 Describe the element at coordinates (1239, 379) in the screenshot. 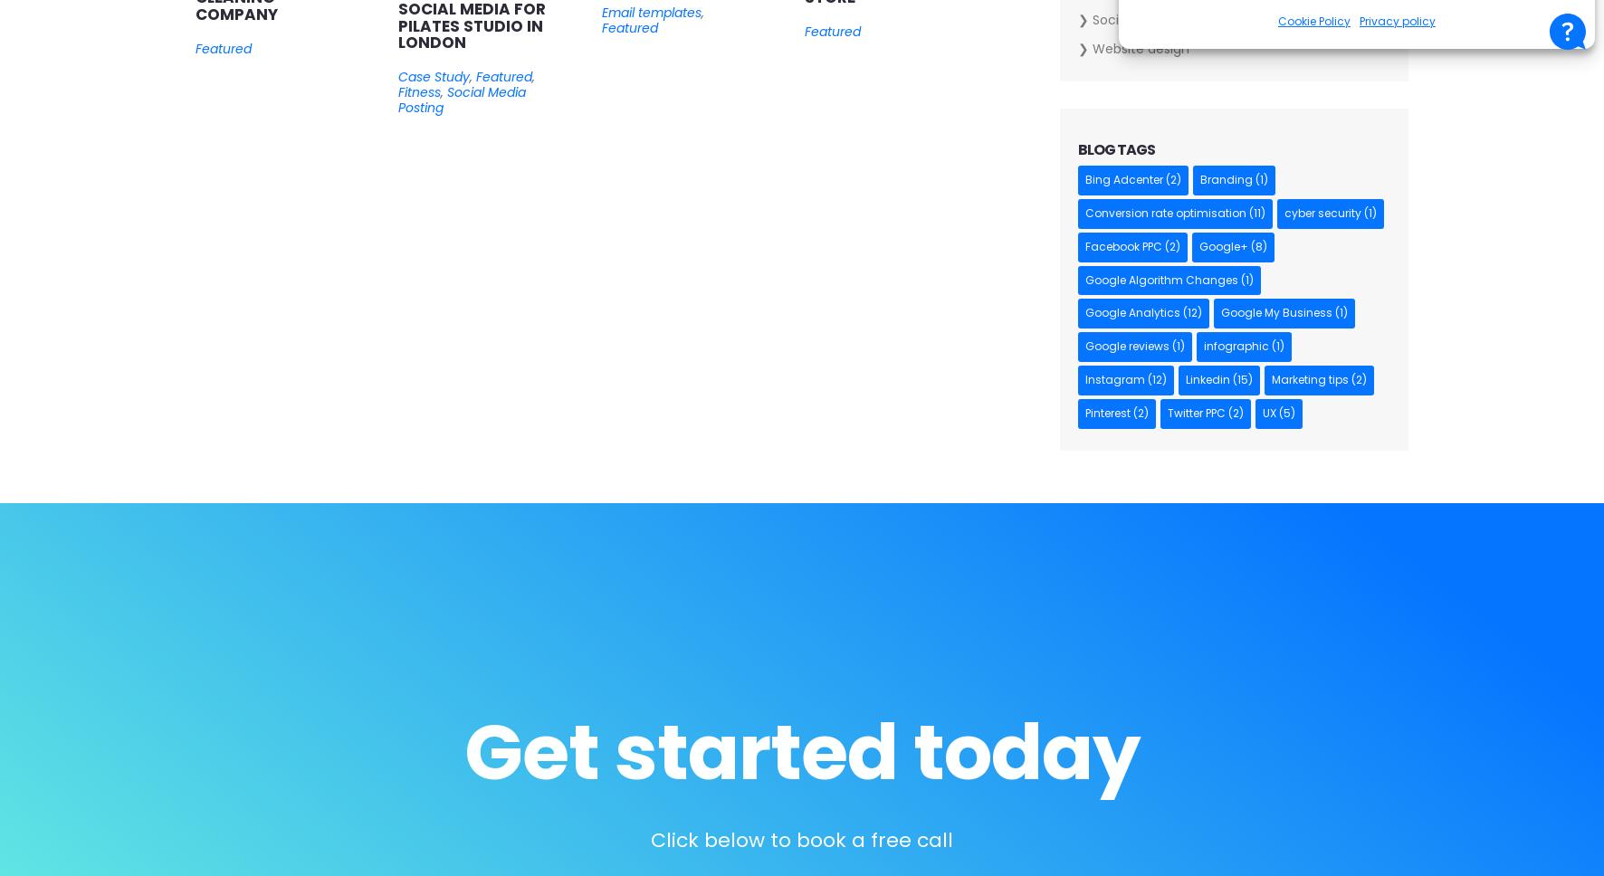

I see `'(15)'` at that location.